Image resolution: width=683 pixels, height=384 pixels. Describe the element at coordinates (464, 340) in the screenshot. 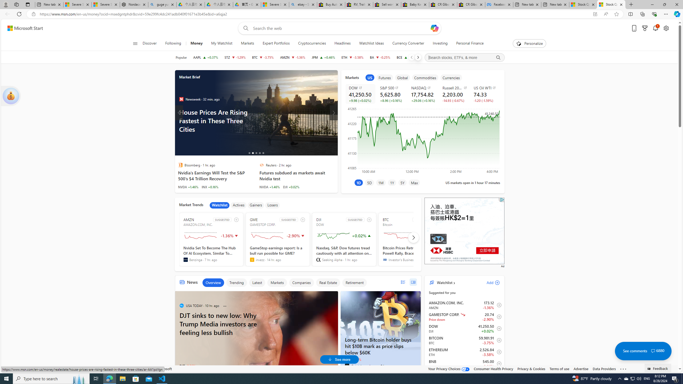

I see `'BTC Bitcoin decrease 59,981.91 -2,246.92 -3.75% item3'` at that location.